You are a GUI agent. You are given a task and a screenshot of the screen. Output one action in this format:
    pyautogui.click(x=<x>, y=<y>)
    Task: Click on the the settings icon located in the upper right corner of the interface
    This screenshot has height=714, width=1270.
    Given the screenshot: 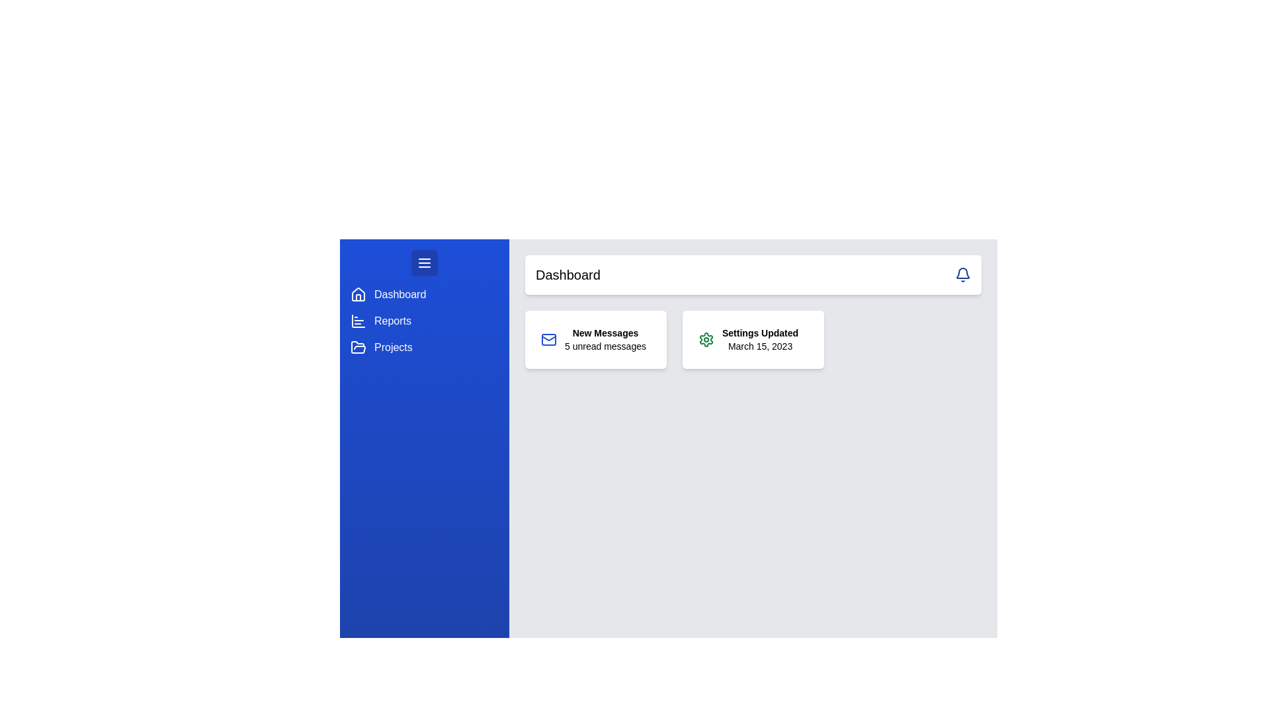 What is the action you would take?
    pyautogui.click(x=706, y=338)
    